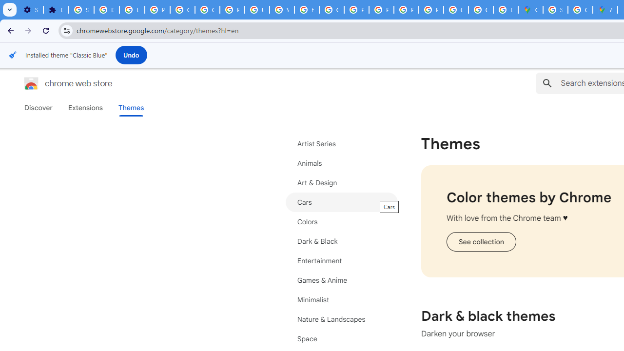 Image resolution: width=624 pixels, height=351 pixels. What do you see at coordinates (341, 338) in the screenshot?
I see `'Space'` at bounding box center [341, 338].